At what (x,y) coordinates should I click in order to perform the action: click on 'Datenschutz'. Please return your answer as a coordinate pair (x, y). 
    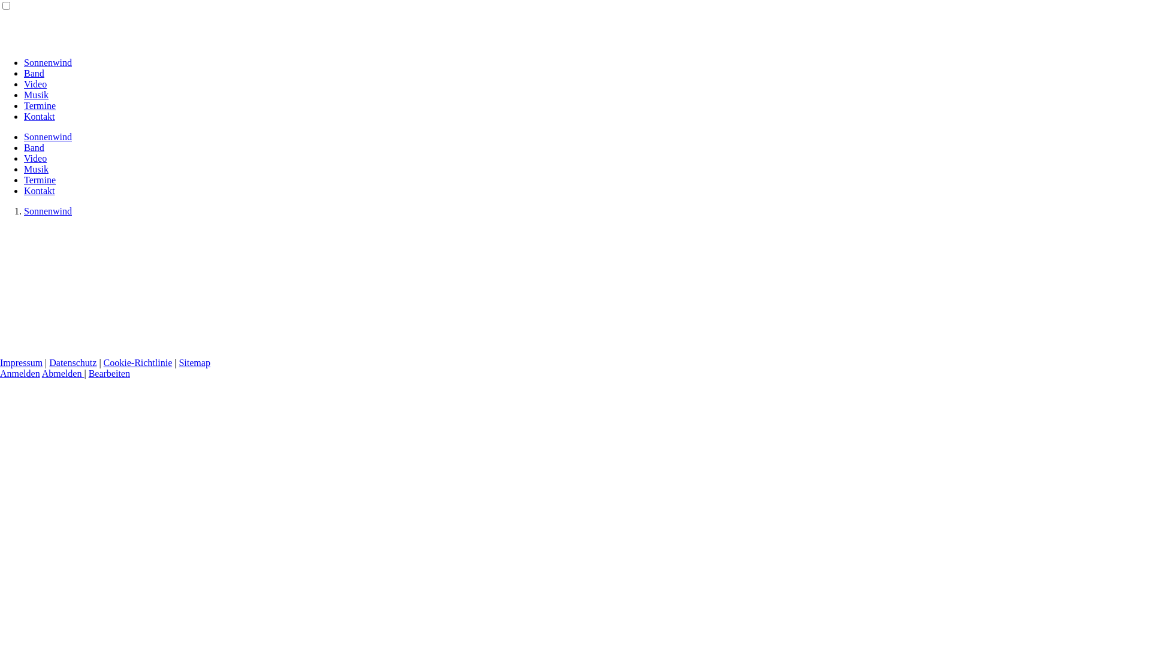
    Looking at the image, I should click on (72, 362).